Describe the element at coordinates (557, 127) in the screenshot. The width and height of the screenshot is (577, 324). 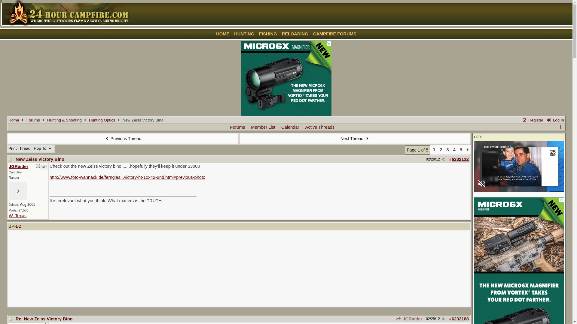
I see `'show/hide columns on this page'` at that location.